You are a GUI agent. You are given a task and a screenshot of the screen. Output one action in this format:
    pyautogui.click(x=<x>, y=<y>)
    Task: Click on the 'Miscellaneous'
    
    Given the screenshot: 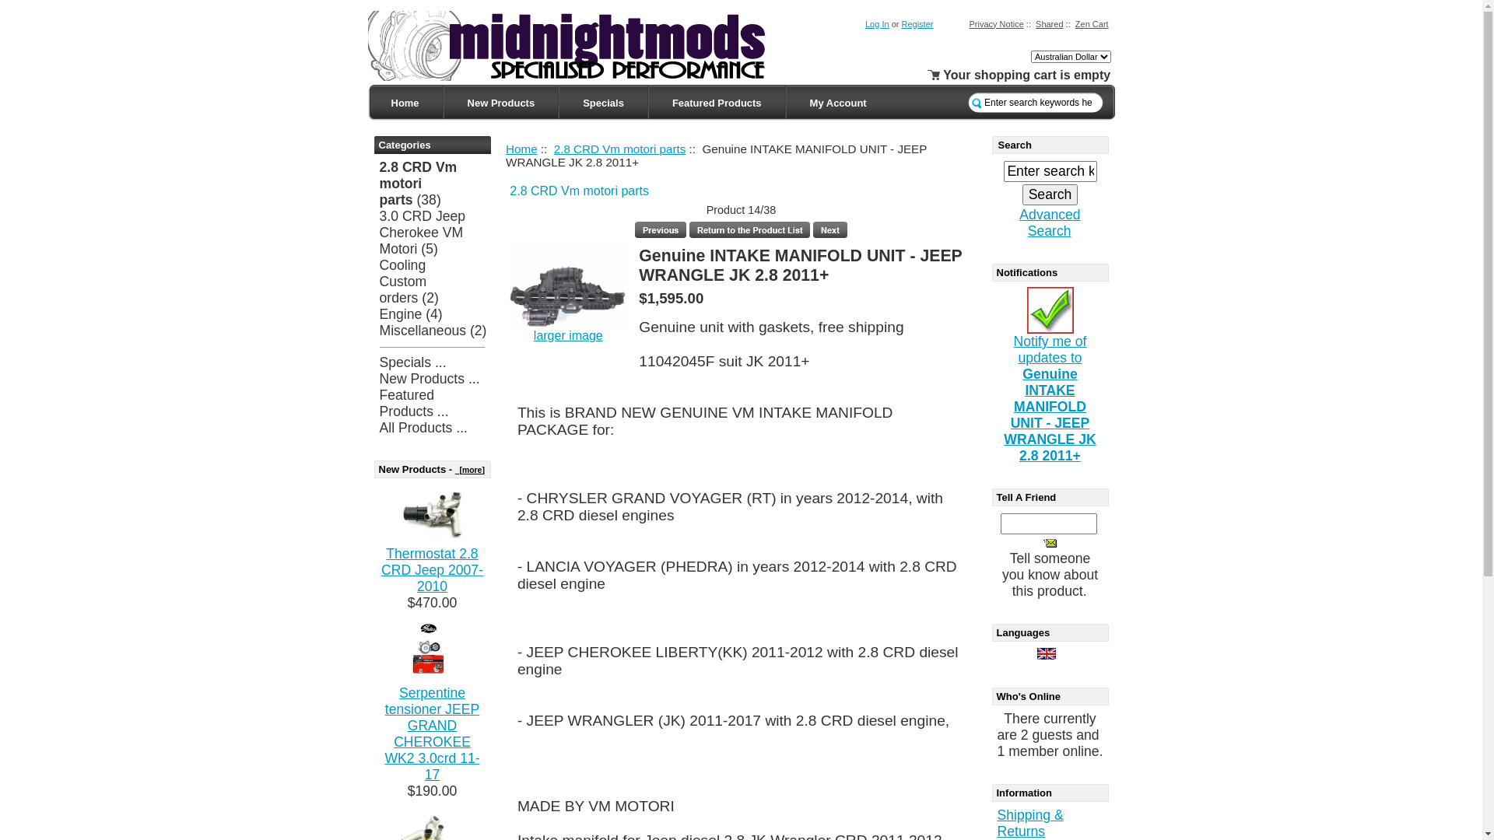 What is the action you would take?
    pyautogui.click(x=423, y=329)
    